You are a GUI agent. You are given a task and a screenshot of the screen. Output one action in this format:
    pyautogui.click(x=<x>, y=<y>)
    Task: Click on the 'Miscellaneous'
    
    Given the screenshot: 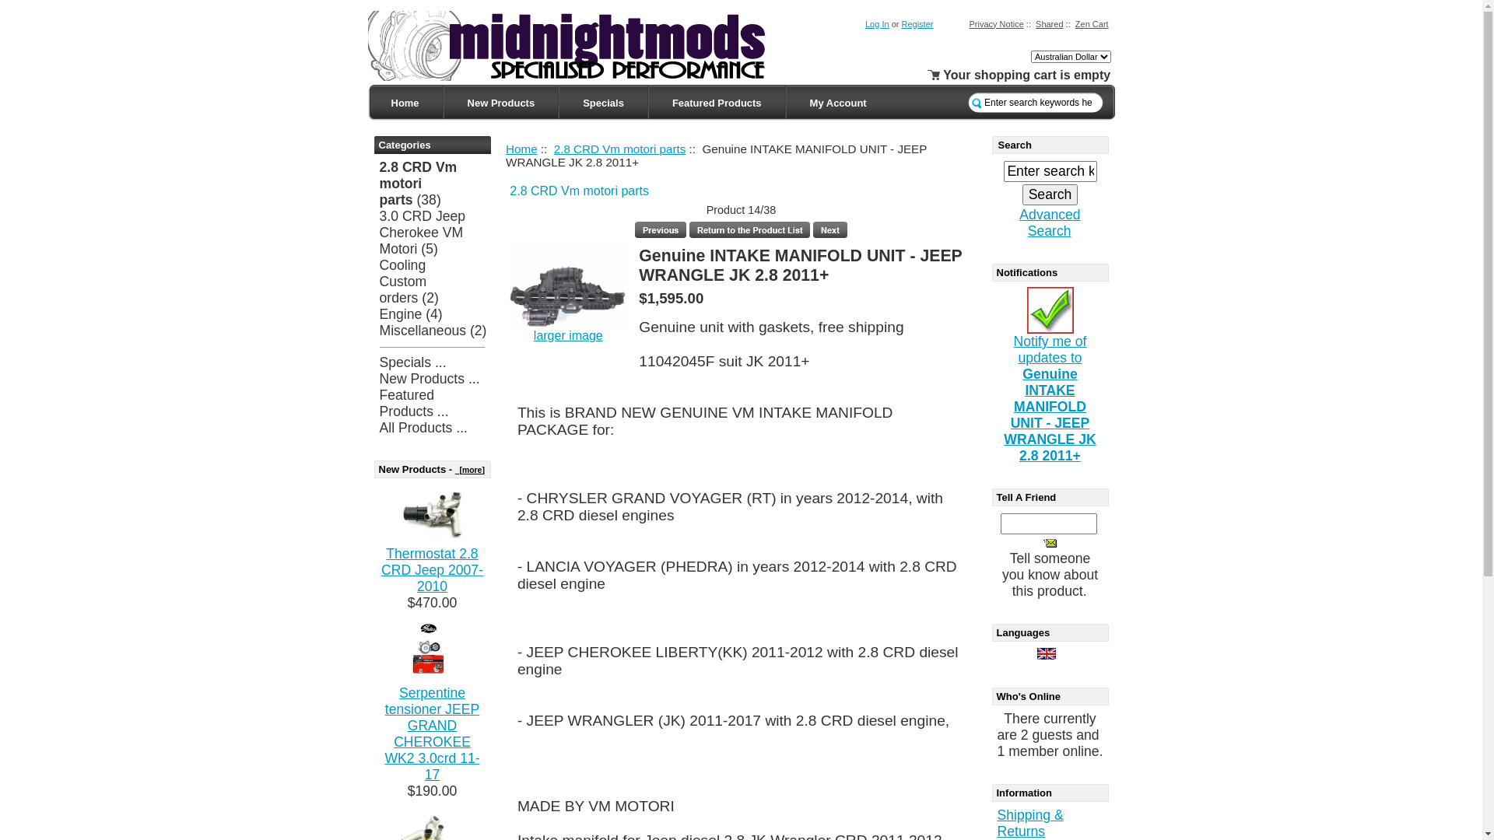 What is the action you would take?
    pyautogui.click(x=423, y=329)
    